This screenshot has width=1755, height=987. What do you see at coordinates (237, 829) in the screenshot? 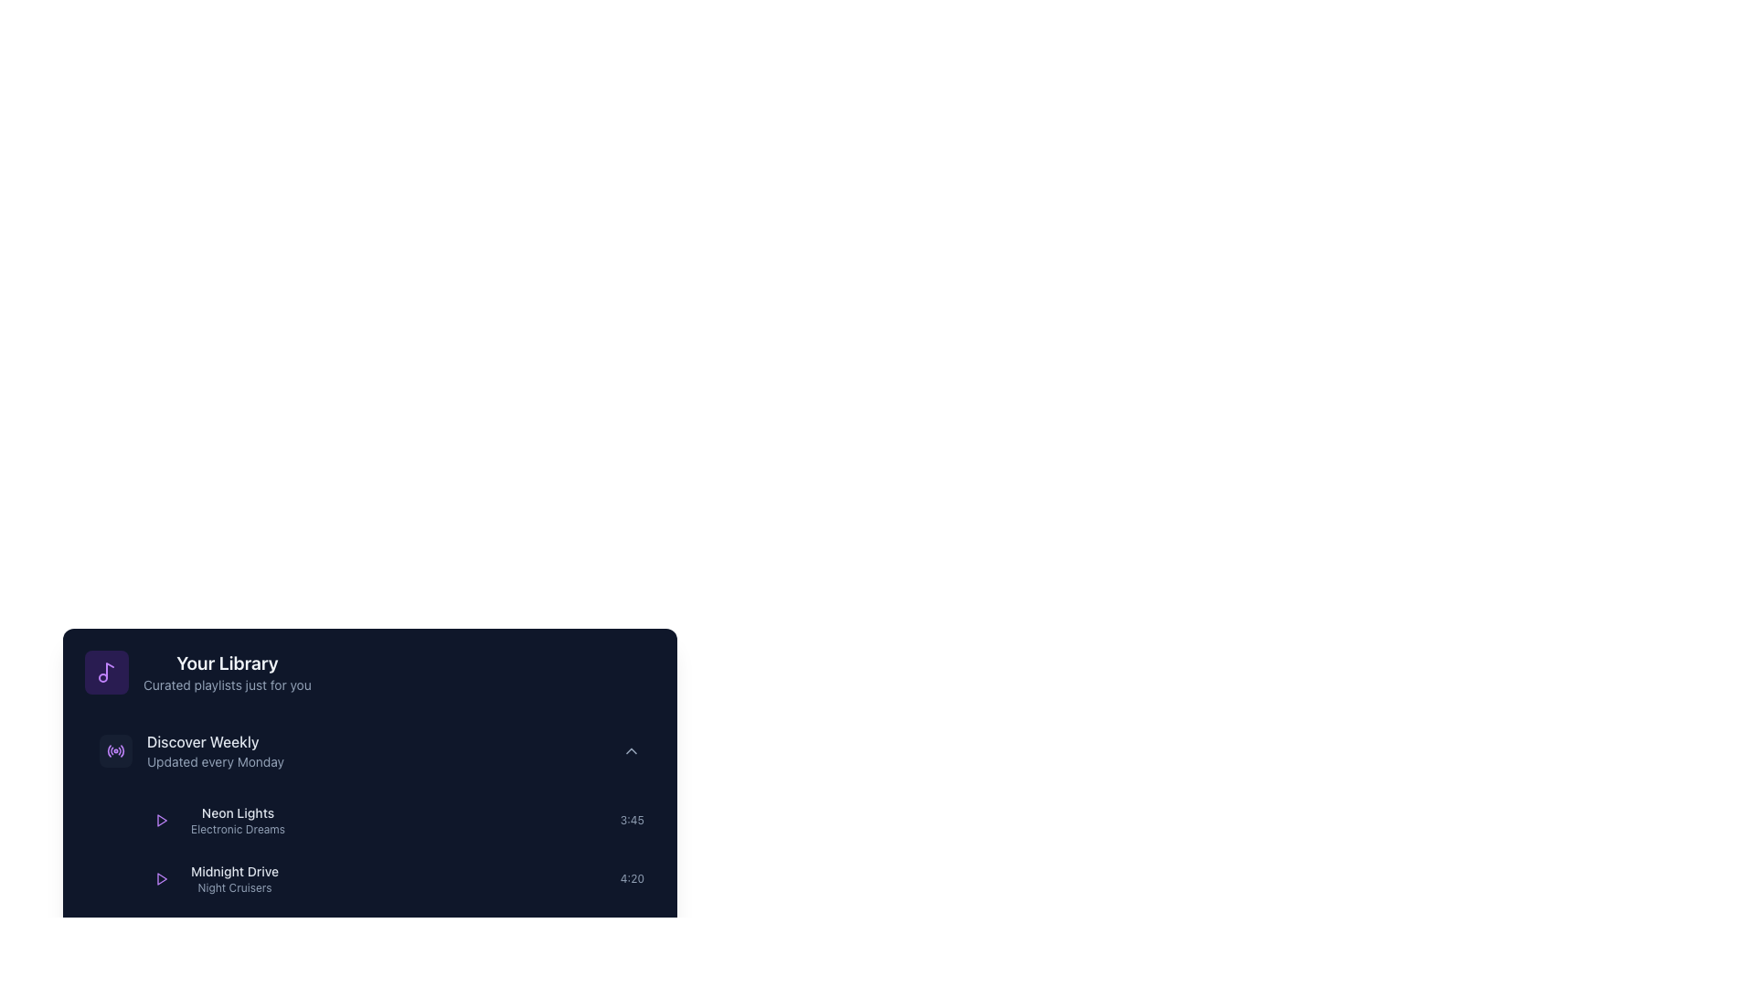
I see `the subtitle text located beneath the 'Neon Lights' title, providing additional context or description about the item` at bounding box center [237, 829].